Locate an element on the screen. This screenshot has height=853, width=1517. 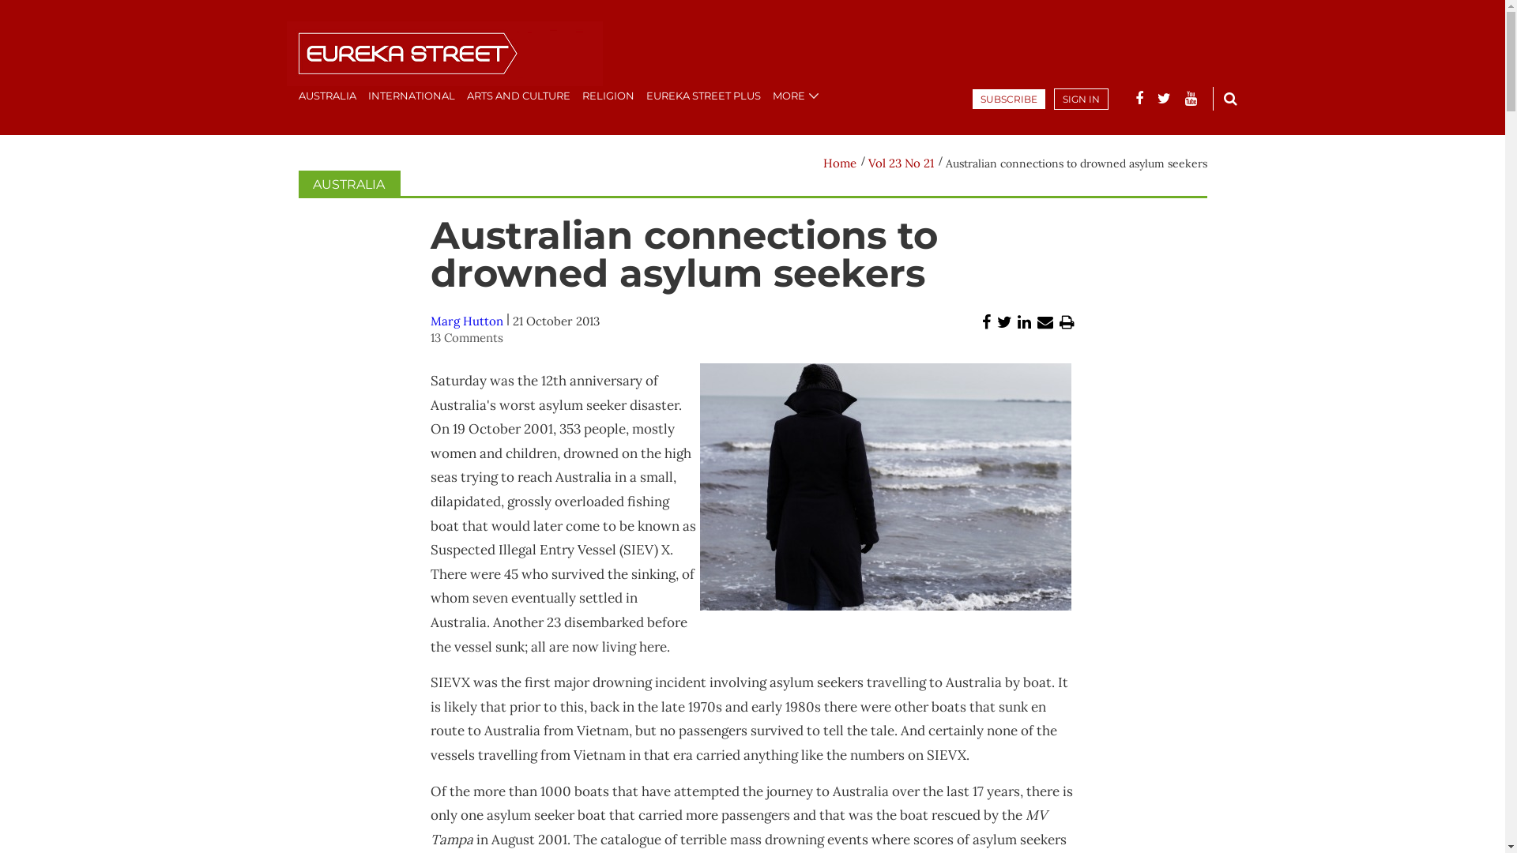
'Home' is located at coordinates (822, 163).